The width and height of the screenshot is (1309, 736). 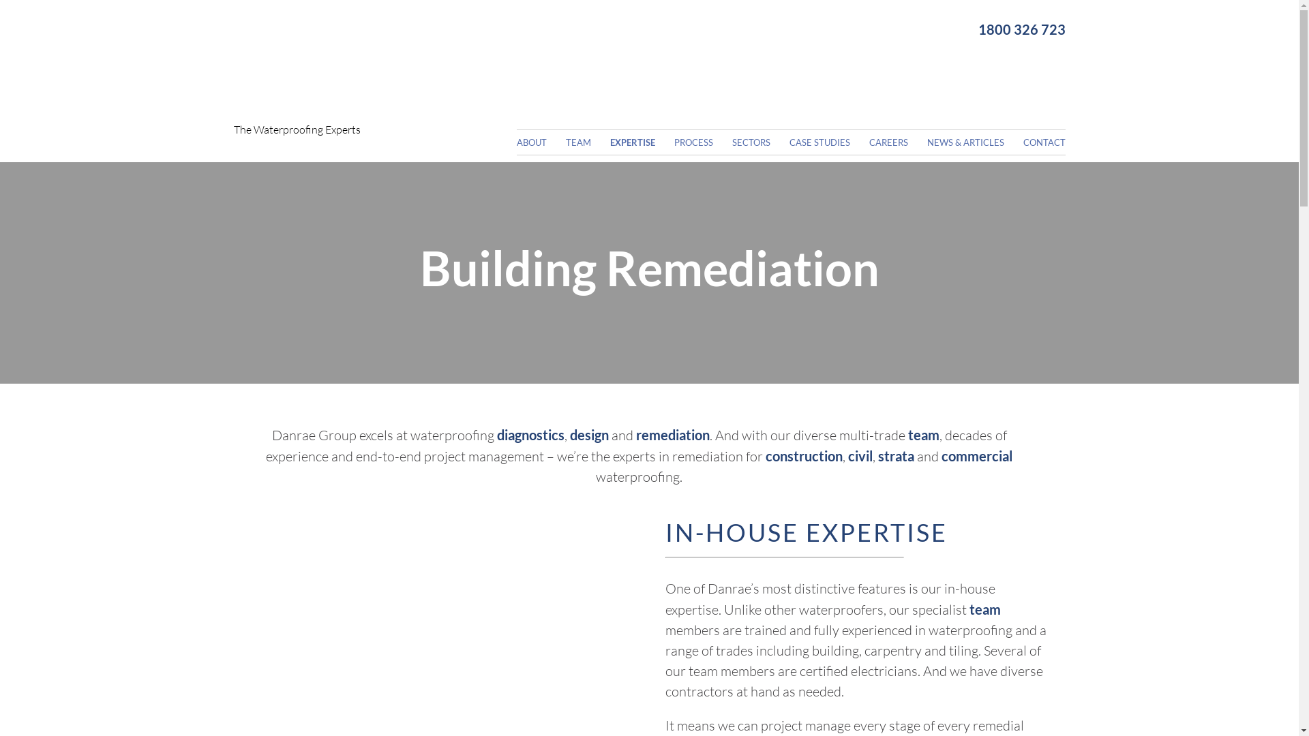 What do you see at coordinates (589, 434) in the screenshot?
I see `'design'` at bounding box center [589, 434].